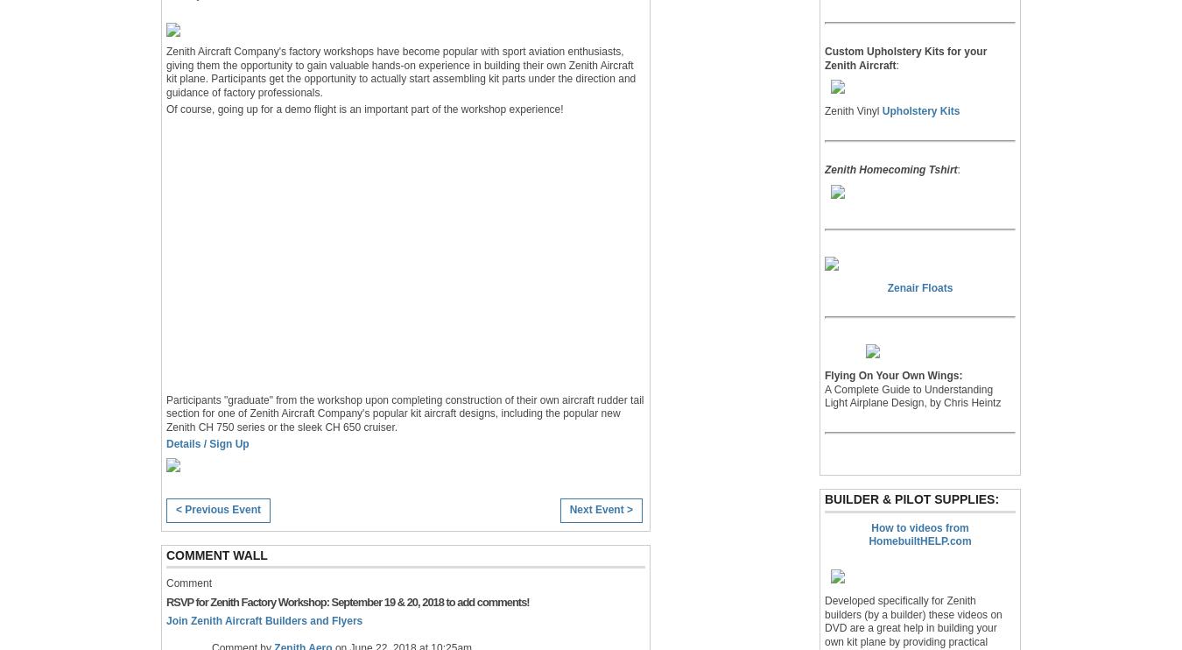 The image size is (1182, 650). I want to click on 'Details / Sign Up', so click(207, 442).